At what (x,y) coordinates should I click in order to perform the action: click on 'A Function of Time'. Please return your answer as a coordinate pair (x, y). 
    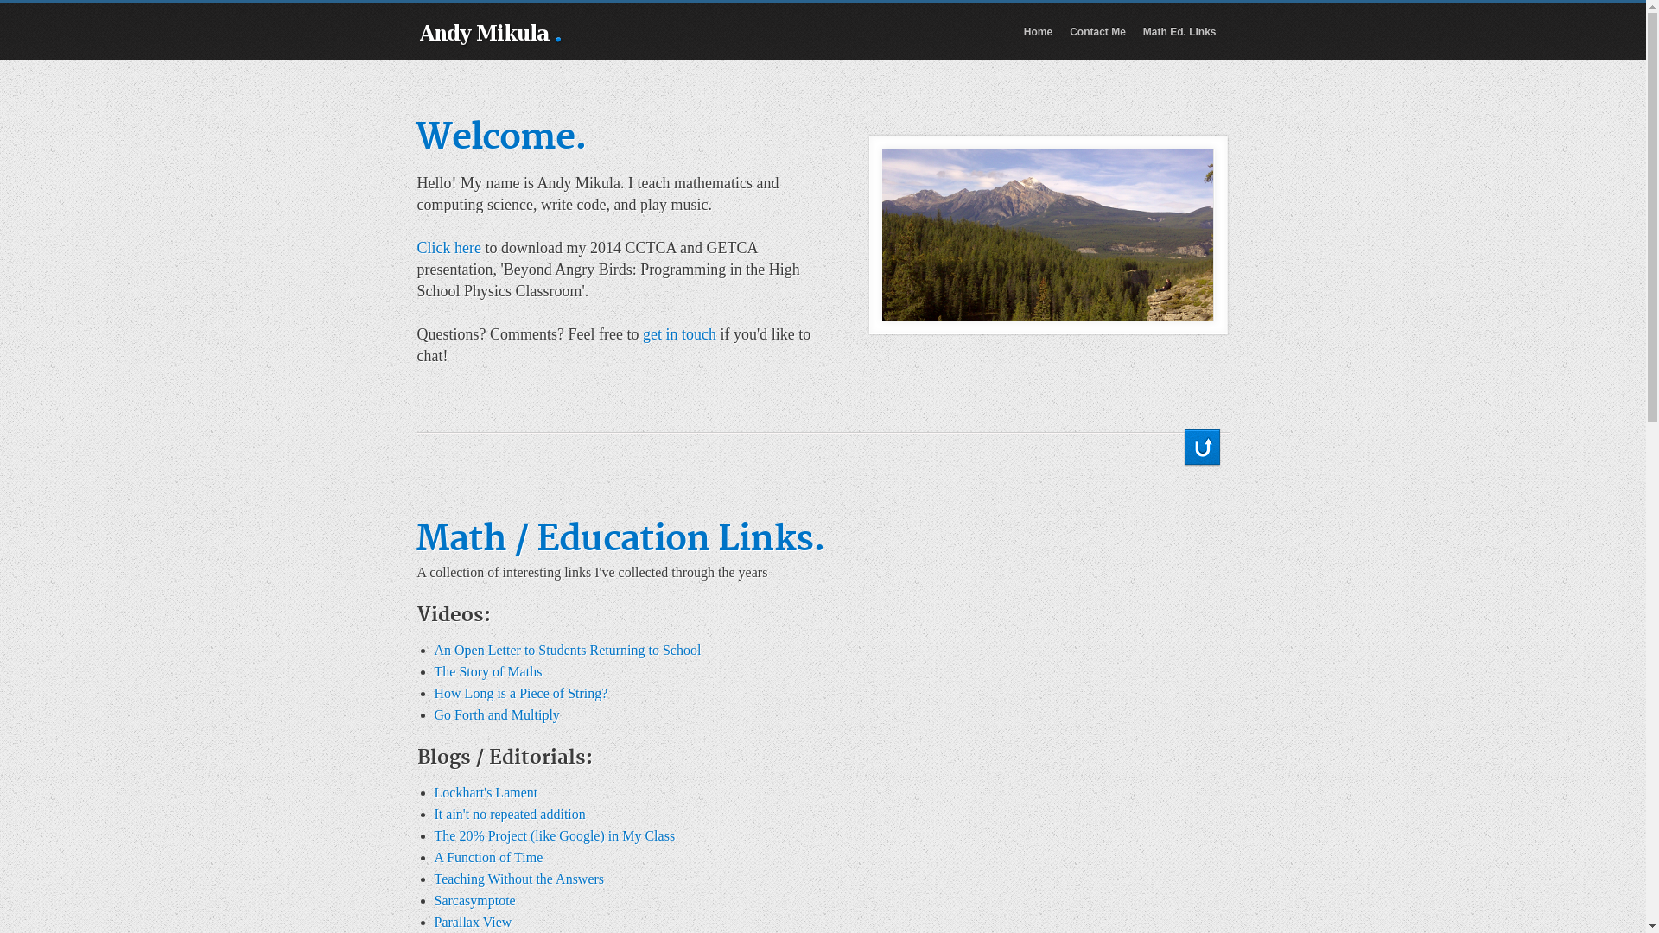
    Looking at the image, I should click on (434, 857).